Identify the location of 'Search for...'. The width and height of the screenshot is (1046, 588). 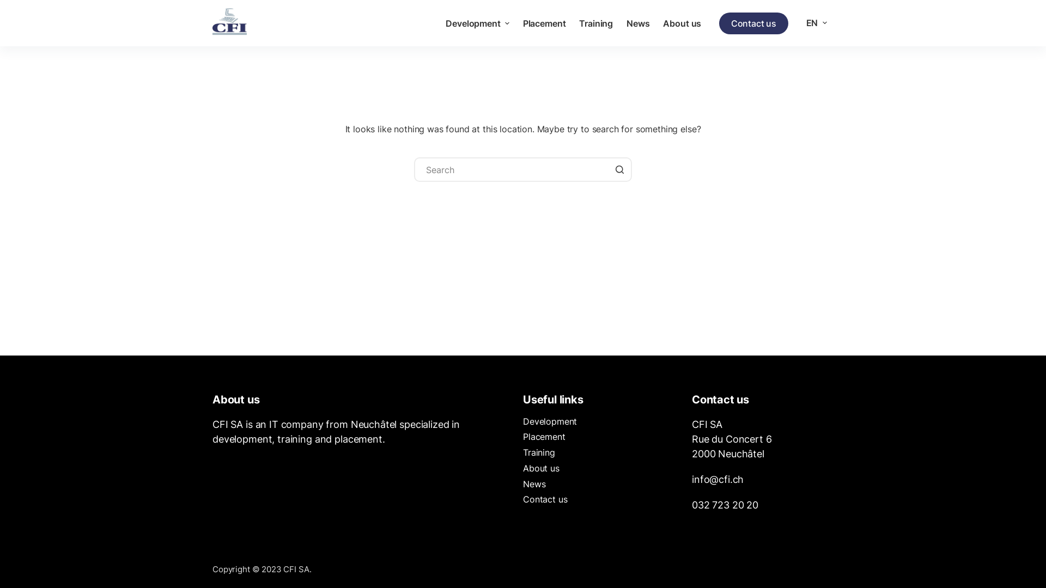
(523, 169).